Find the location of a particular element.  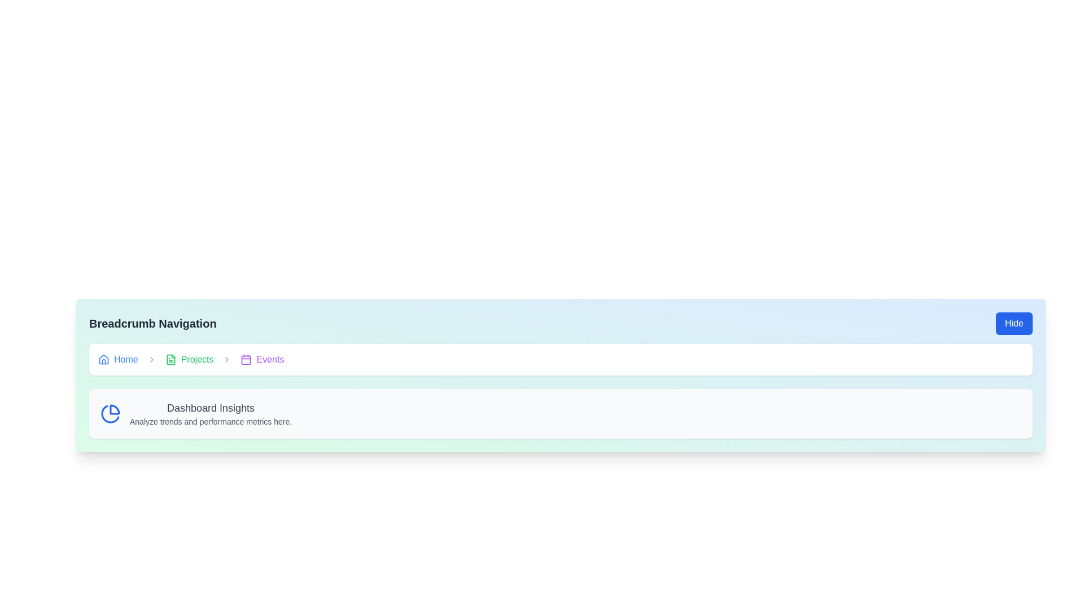

textual label that serves as a heading and description, located to the right of a circular pie-chart icon within a horizontal layout panel under the breadcrumb navigation bar is located at coordinates (211, 413).